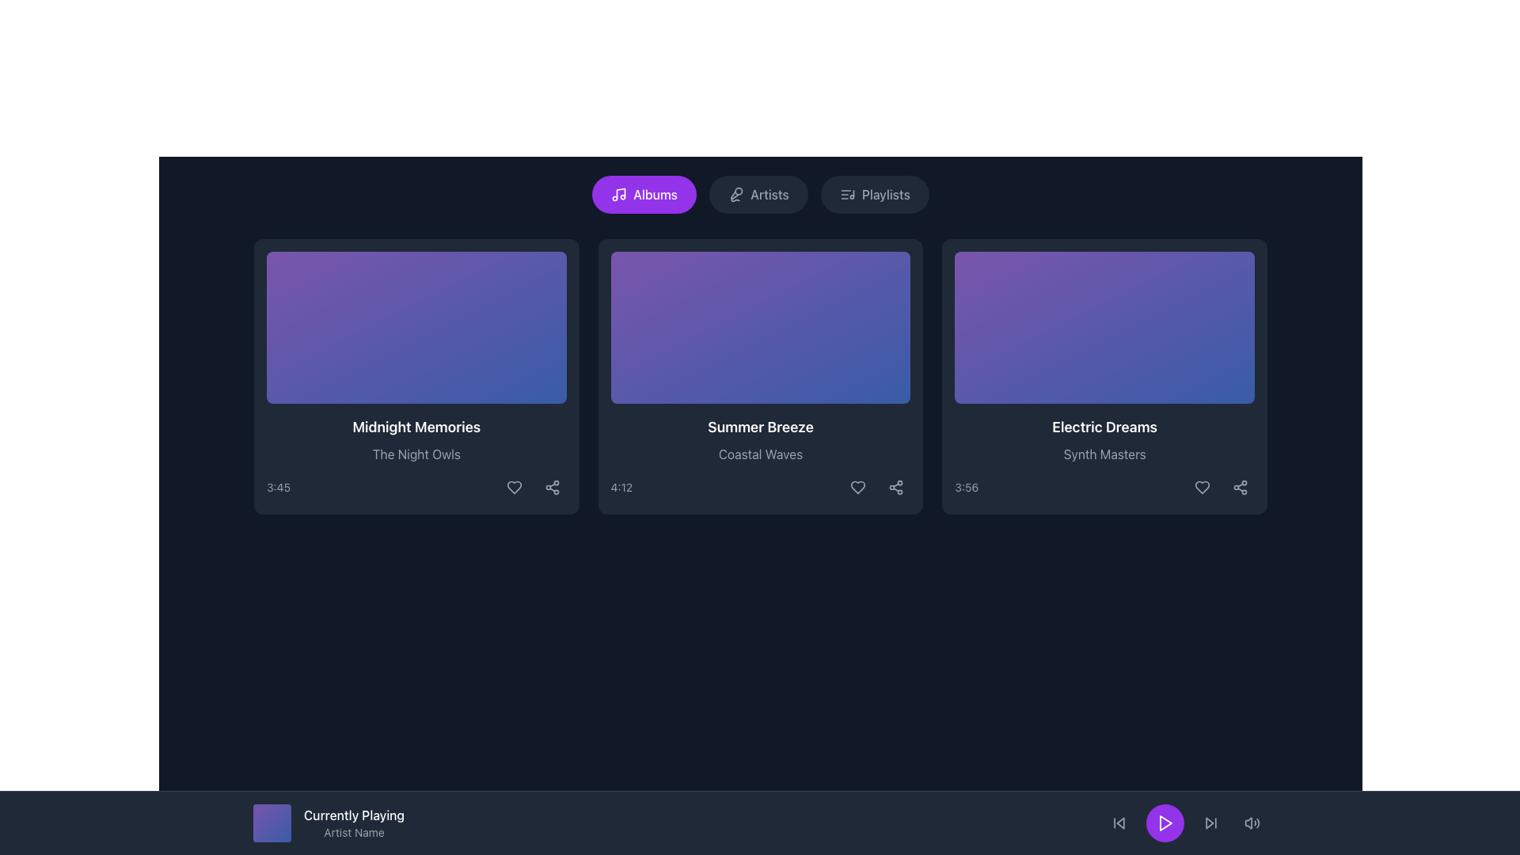 Image resolution: width=1520 pixels, height=855 pixels. What do you see at coordinates (416, 427) in the screenshot?
I see `the text label displaying 'Midnight Memories' in white, which is centrally located within the first album card, positioned below the album's image area` at bounding box center [416, 427].